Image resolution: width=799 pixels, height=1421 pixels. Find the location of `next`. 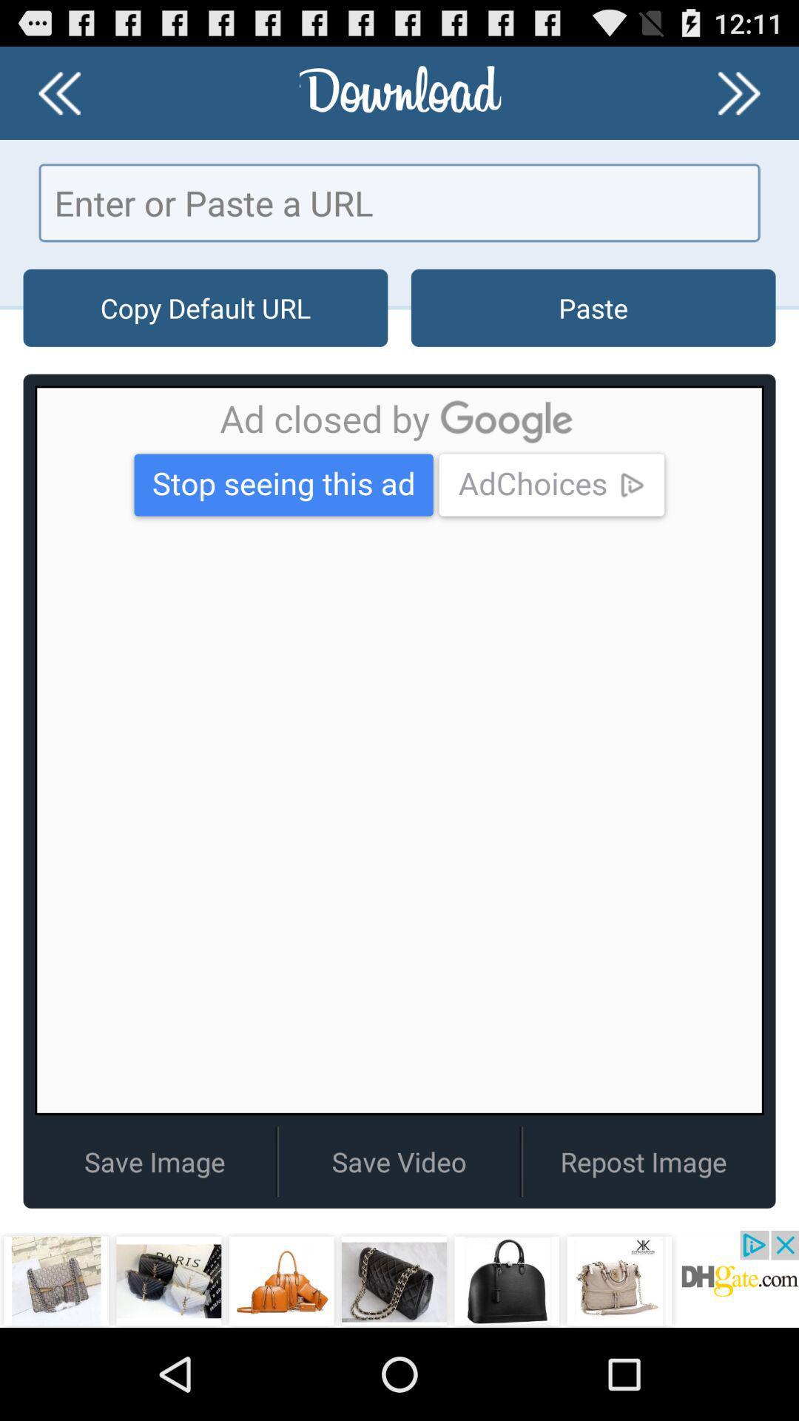

next is located at coordinates (739, 92).